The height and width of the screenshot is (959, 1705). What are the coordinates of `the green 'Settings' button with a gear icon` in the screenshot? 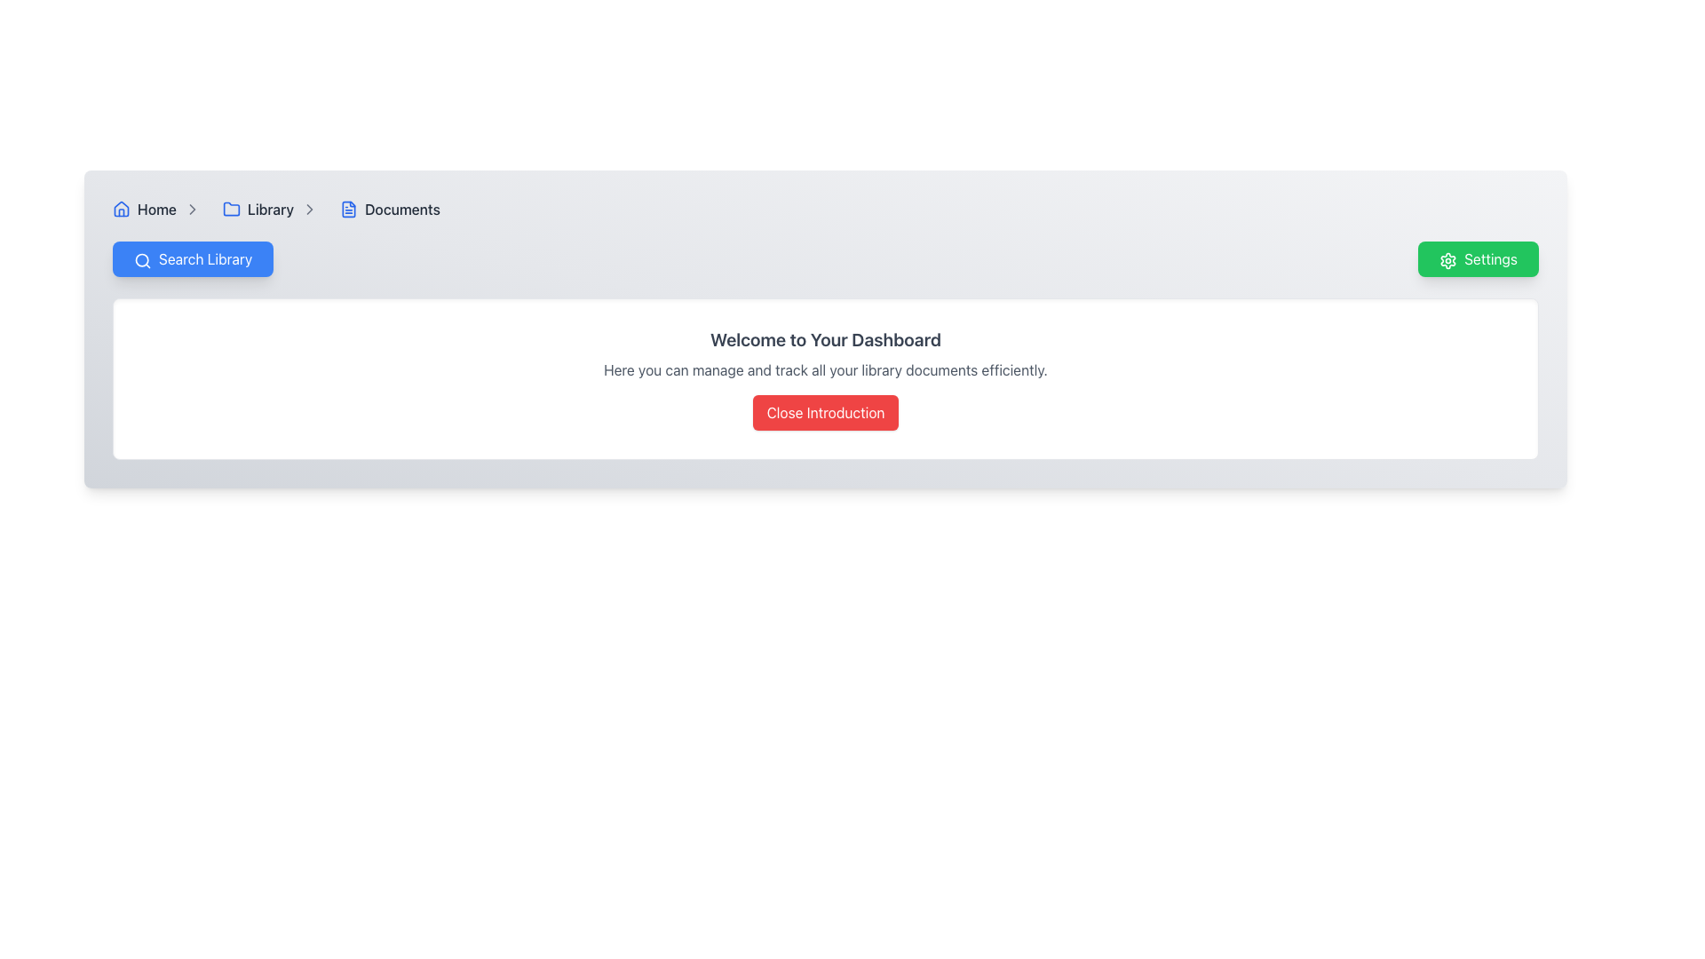 It's located at (1479, 259).